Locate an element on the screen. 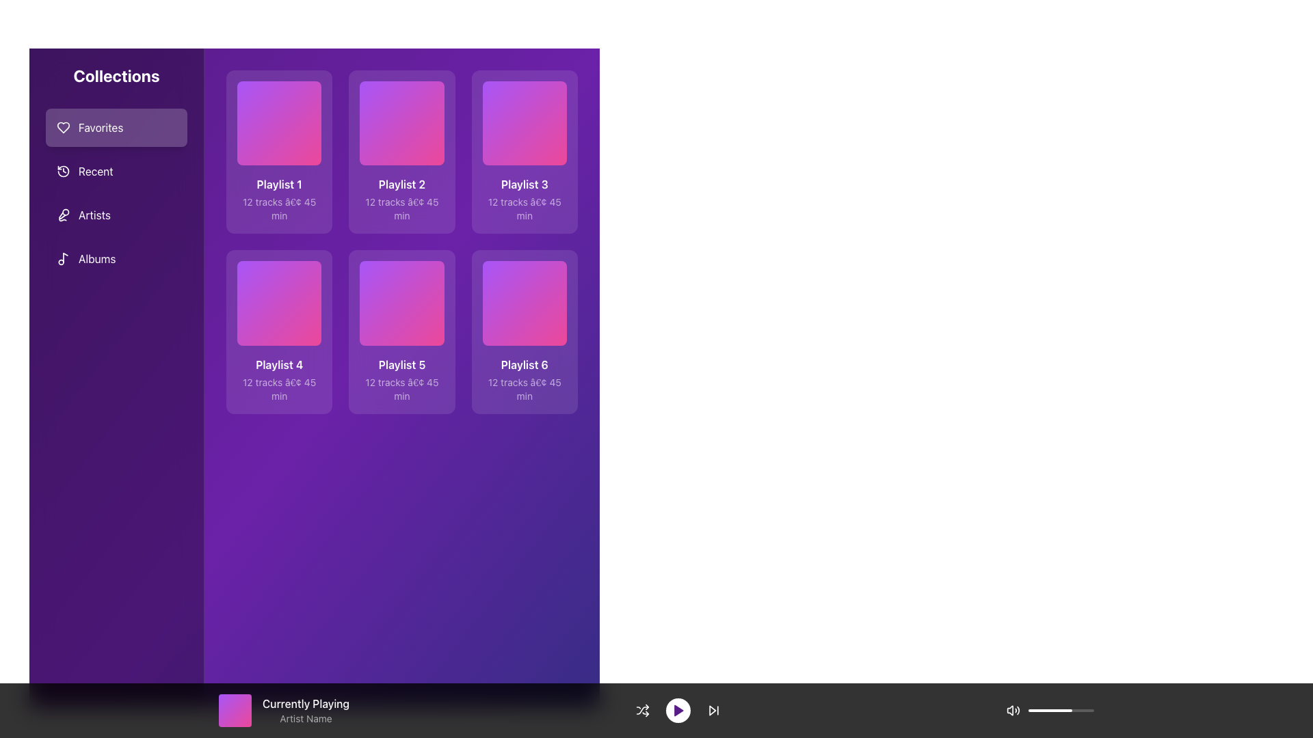  the progress indicator of the horizontal progress bar located in the bottom-right section of the interface is located at coordinates (1060, 710).